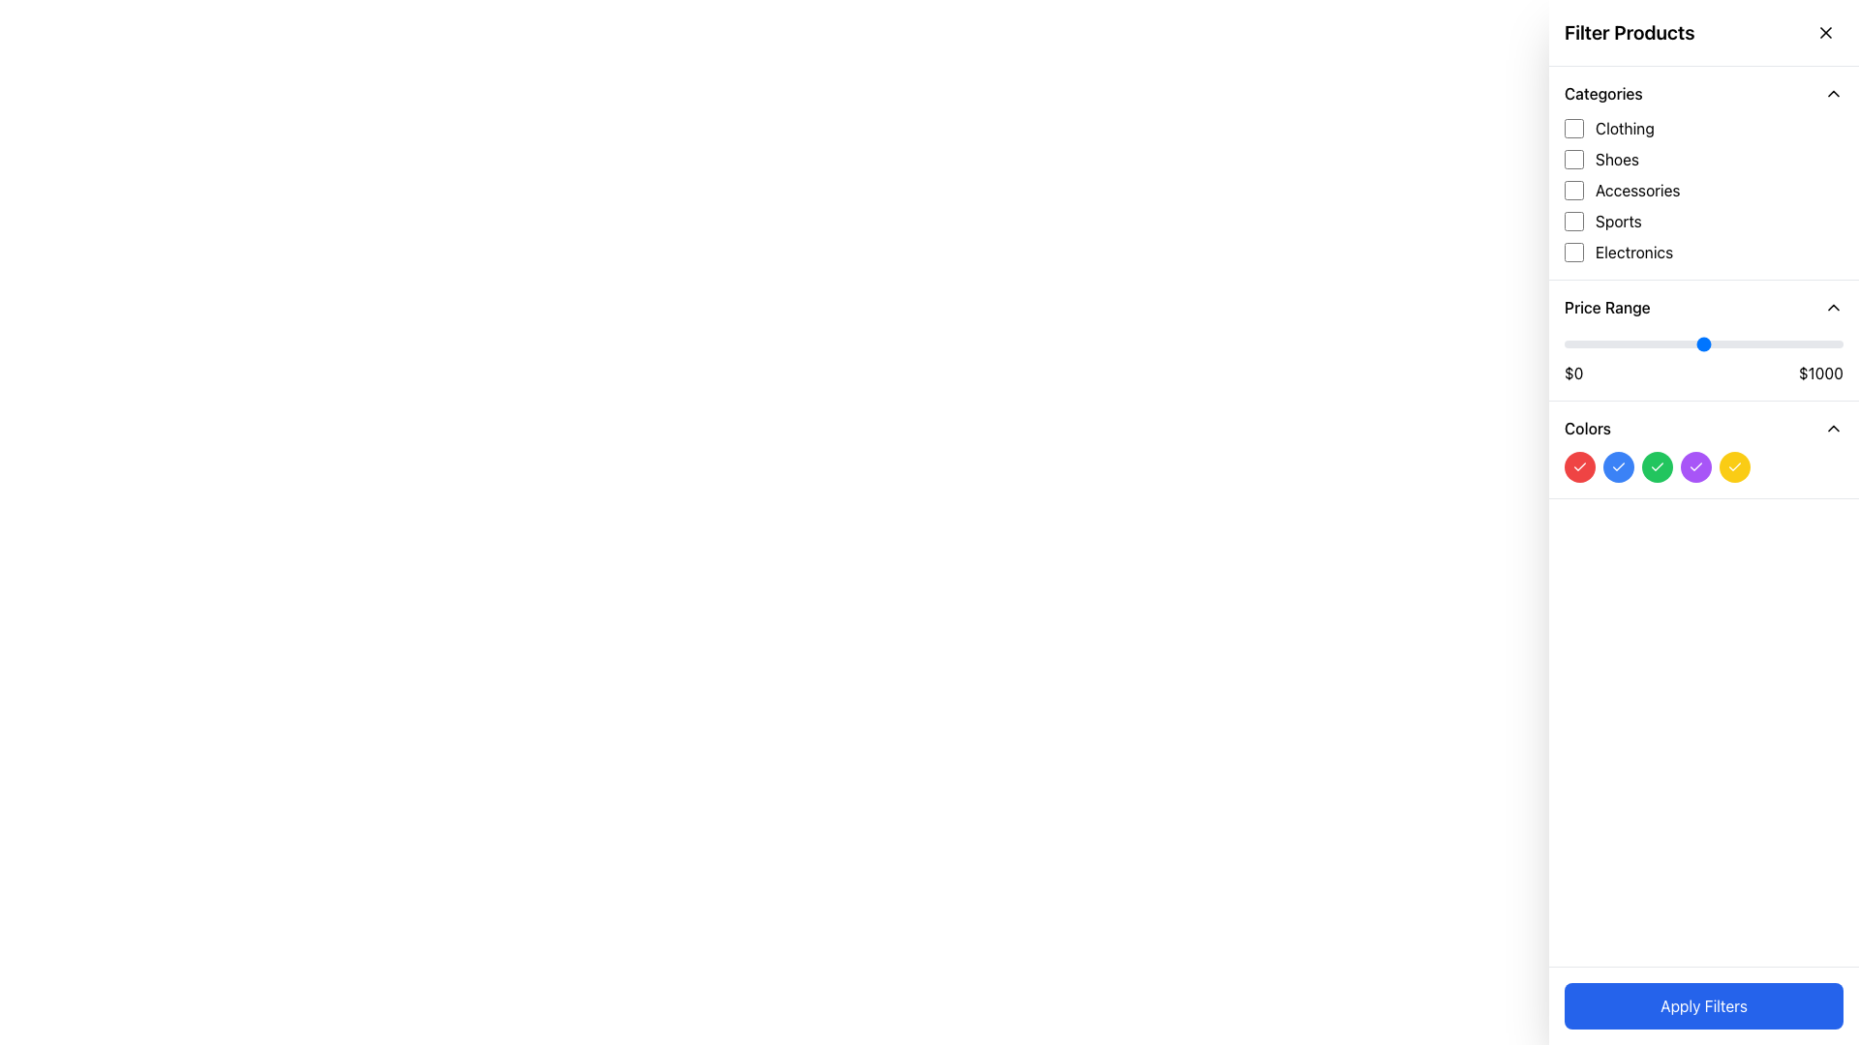  I want to click on the Chevron icon located at the far-right end of the 'Categories' section header, so click(1833, 93).